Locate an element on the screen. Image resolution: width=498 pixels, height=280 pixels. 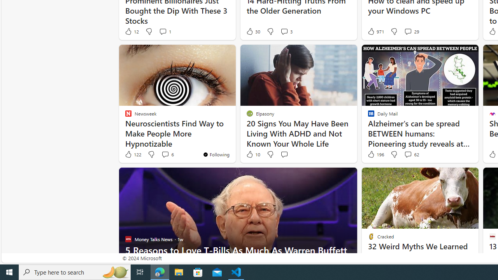
'30 Like' is located at coordinates (253, 31).